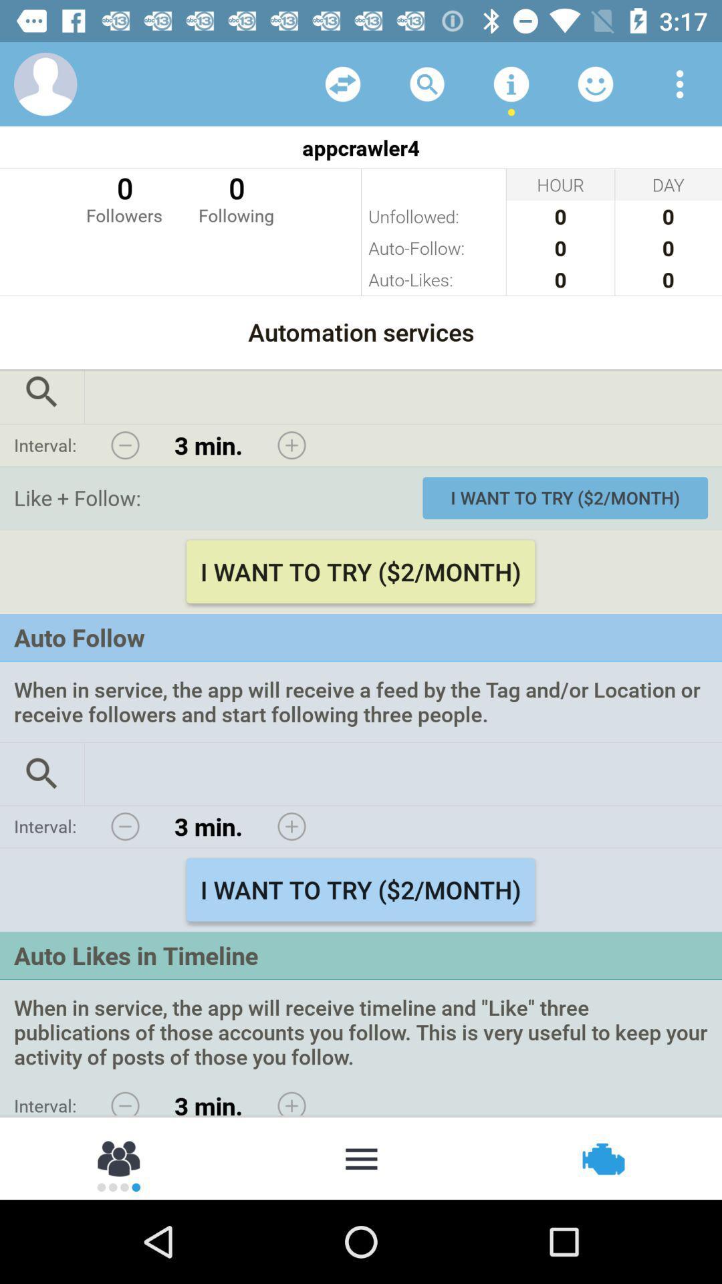 This screenshot has width=722, height=1284. I want to click on person, so click(119, 1157).